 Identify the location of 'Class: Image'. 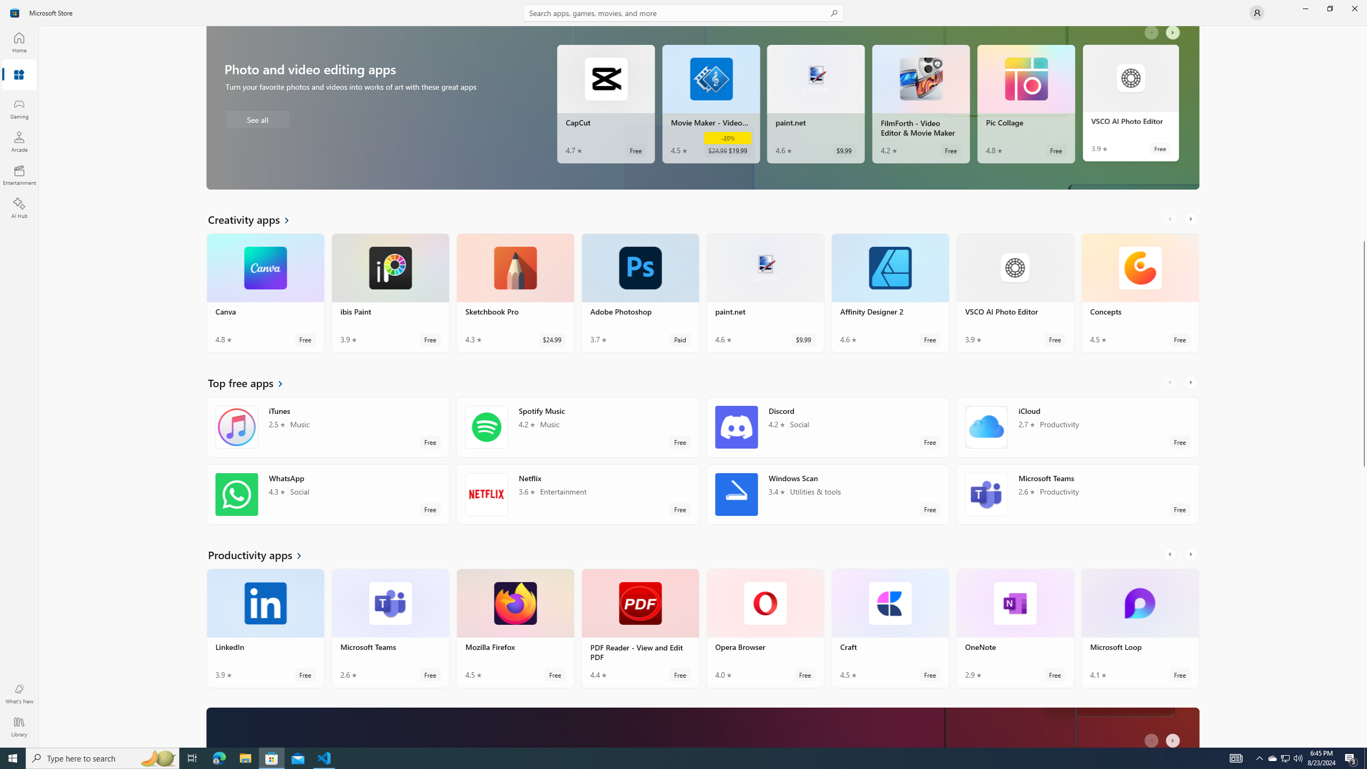
(15, 12).